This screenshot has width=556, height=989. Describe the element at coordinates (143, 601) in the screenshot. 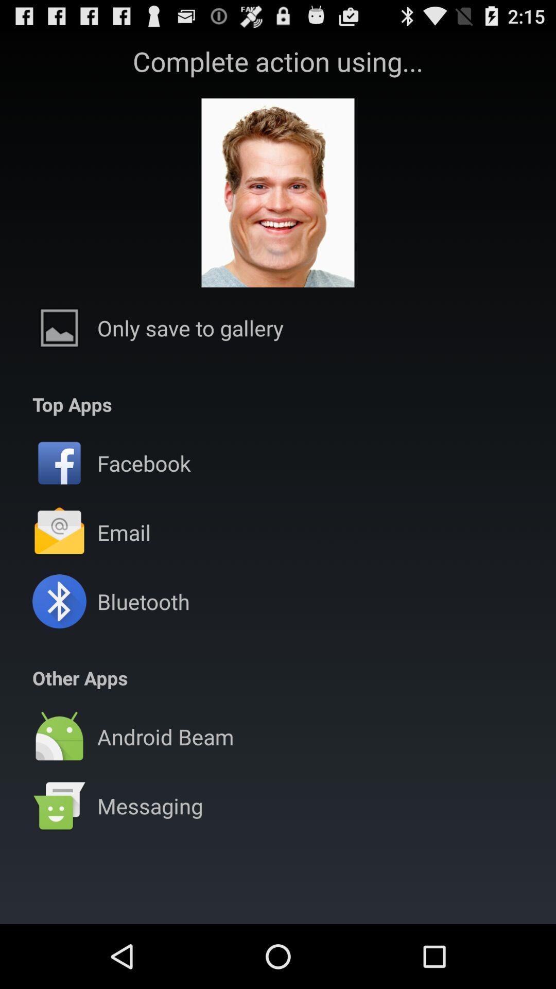

I see `the bluetooth icon` at that location.